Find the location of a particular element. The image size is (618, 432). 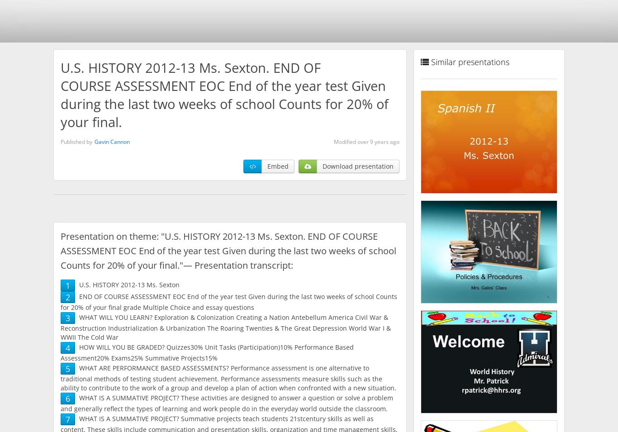

'Download presentation' is located at coordinates (357, 166).